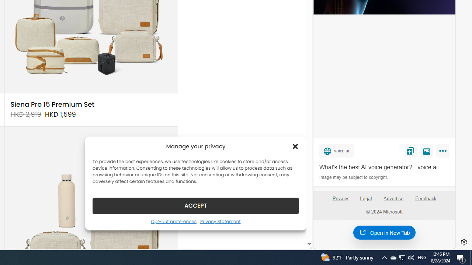  Describe the element at coordinates (173, 221) in the screenshot. I see `'Opt-out preferences'` at that location.